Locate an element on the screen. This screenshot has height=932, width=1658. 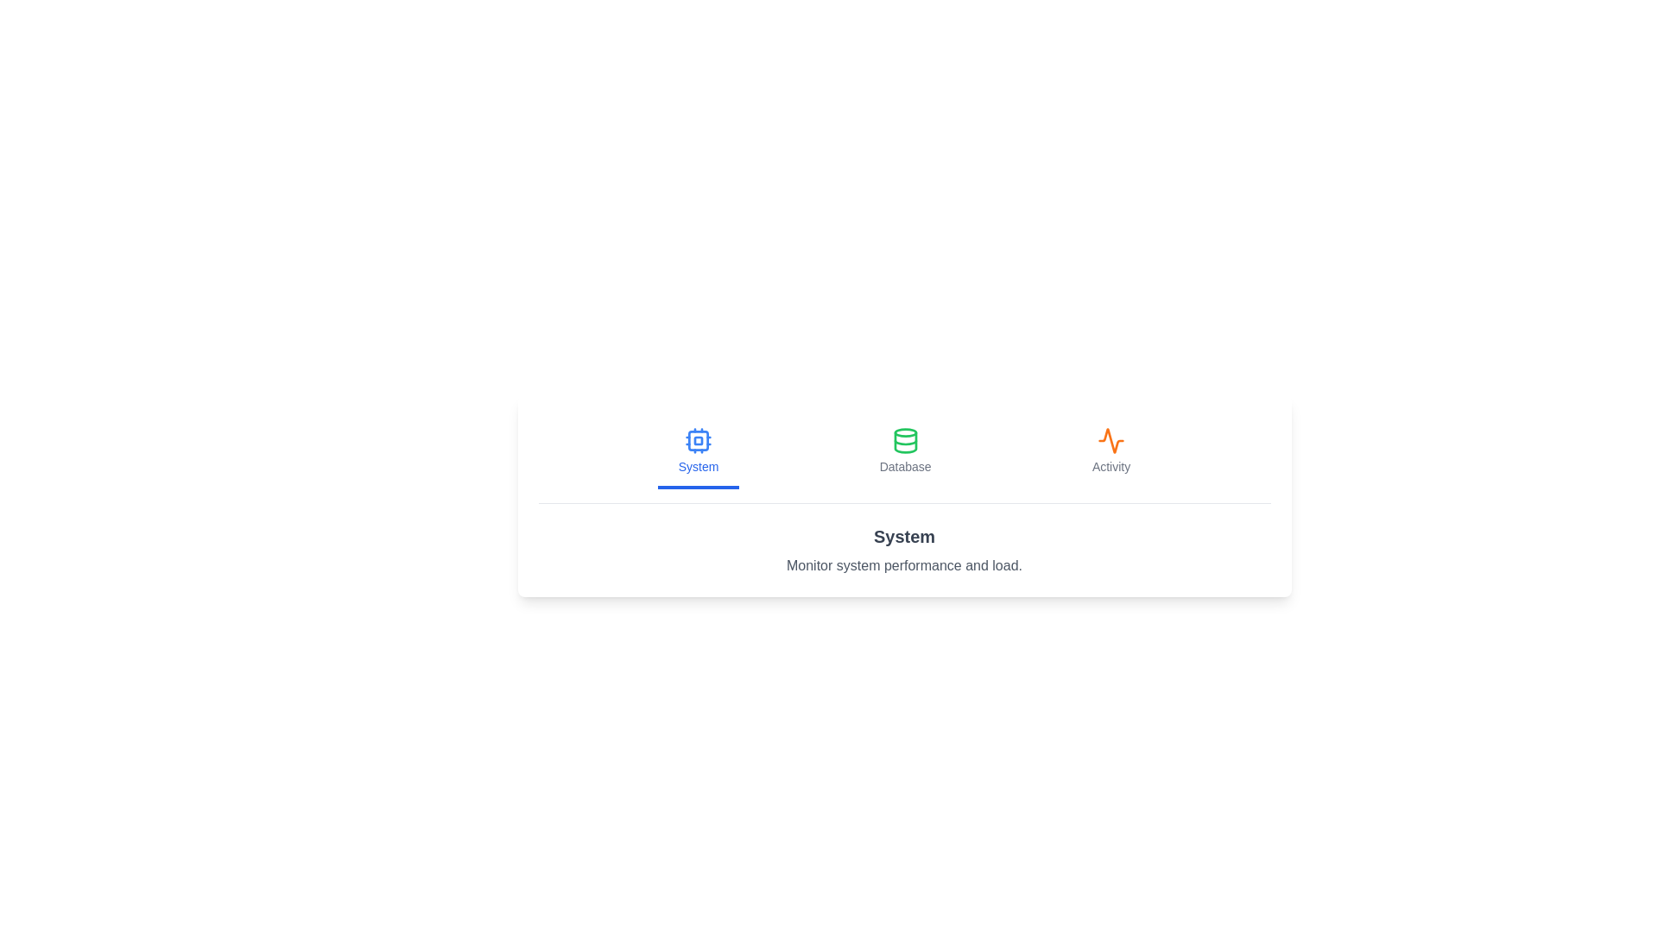
the tab navigation button labeled Activity is located at coordinates (1111, 451).